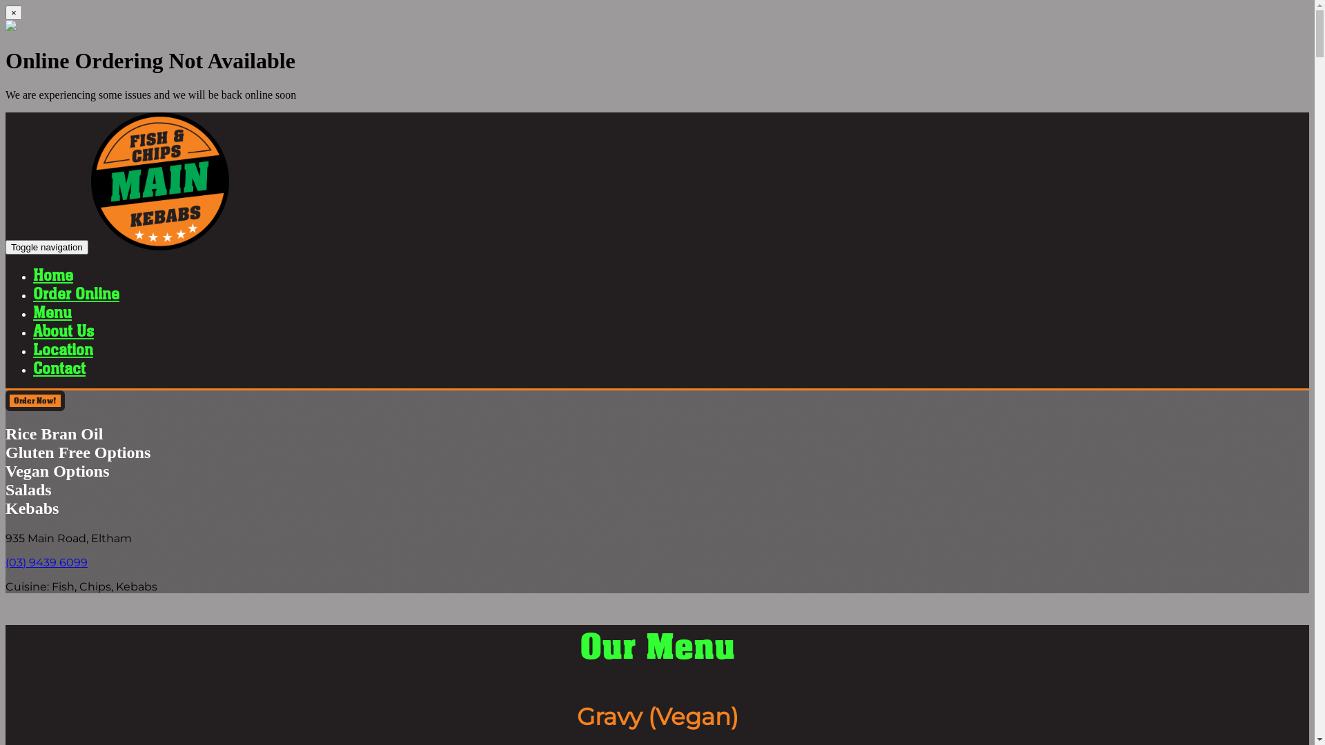 The image size is (1325, 745). What do you see at coordinates (33, 312) in the screenshot?
I see `'Menu'` at bounding box center [33, 312].